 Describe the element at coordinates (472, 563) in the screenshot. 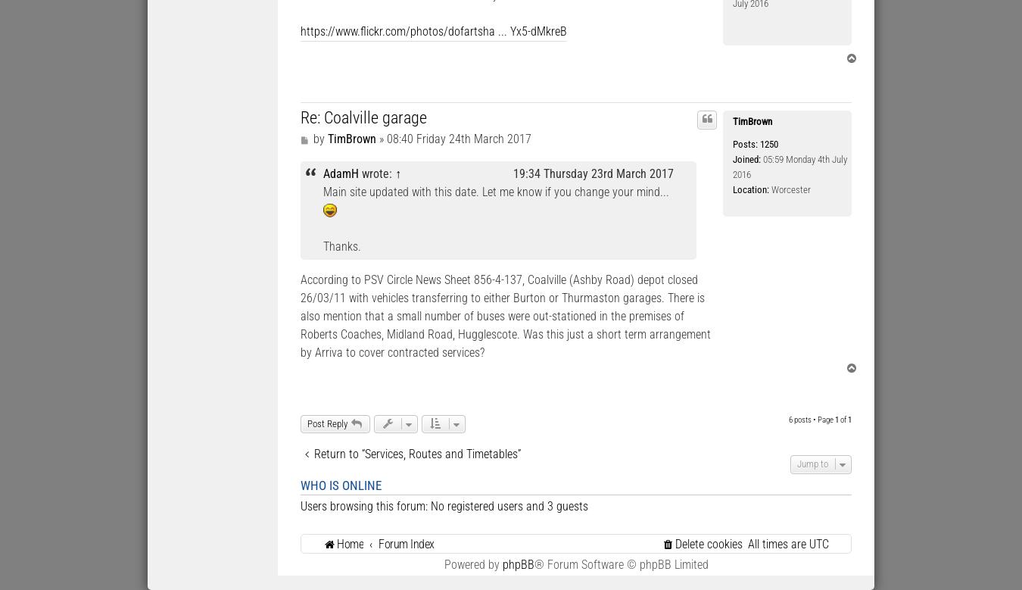

I see `'Powered by'` at that location.